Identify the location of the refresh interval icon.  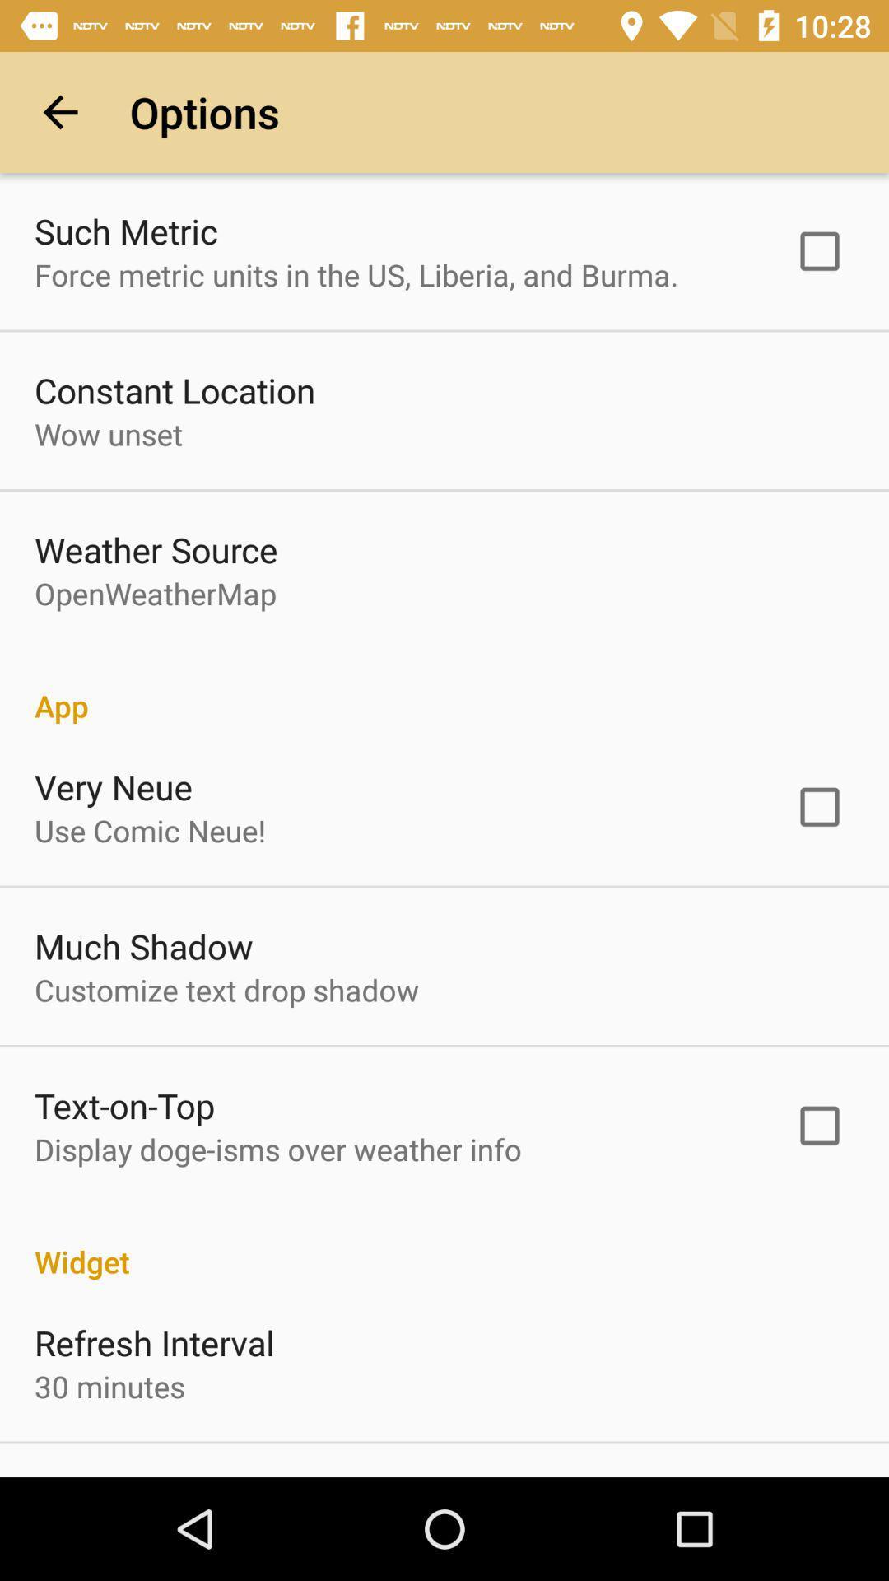
(154, 1342).